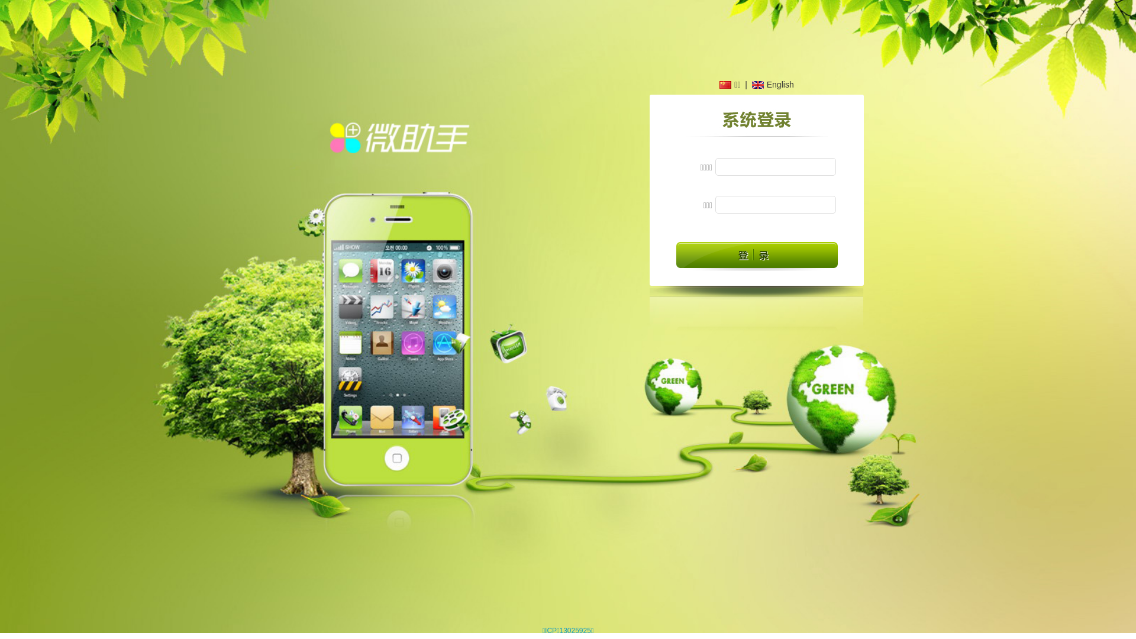  What do you see at coordinates (773, 83) in the screenshot?
I see `'English'` at bounding box center [773, 83].